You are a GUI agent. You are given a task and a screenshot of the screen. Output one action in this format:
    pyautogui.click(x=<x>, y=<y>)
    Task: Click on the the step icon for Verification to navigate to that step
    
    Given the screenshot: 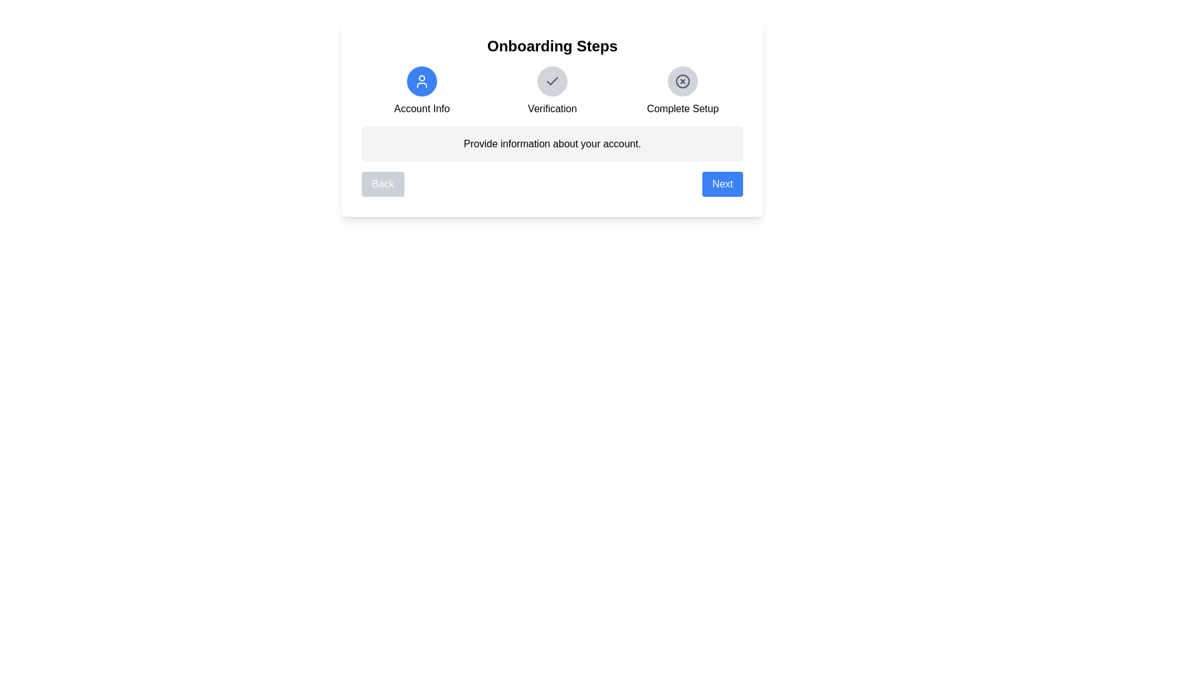 What is the action you would take?
    pyautogui.click(x=552, y=81)
    